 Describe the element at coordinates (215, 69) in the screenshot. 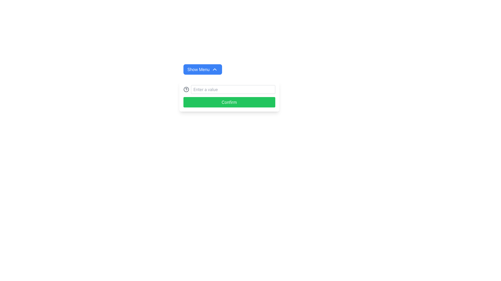

I see `the chevron icon at the far right end of the 'Show Menu' button` at that location.